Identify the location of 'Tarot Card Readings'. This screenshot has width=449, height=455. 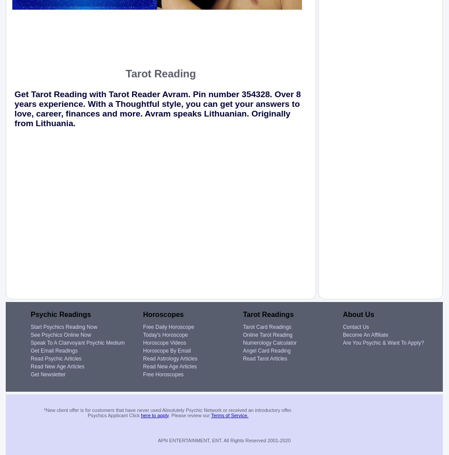
(267, 326).